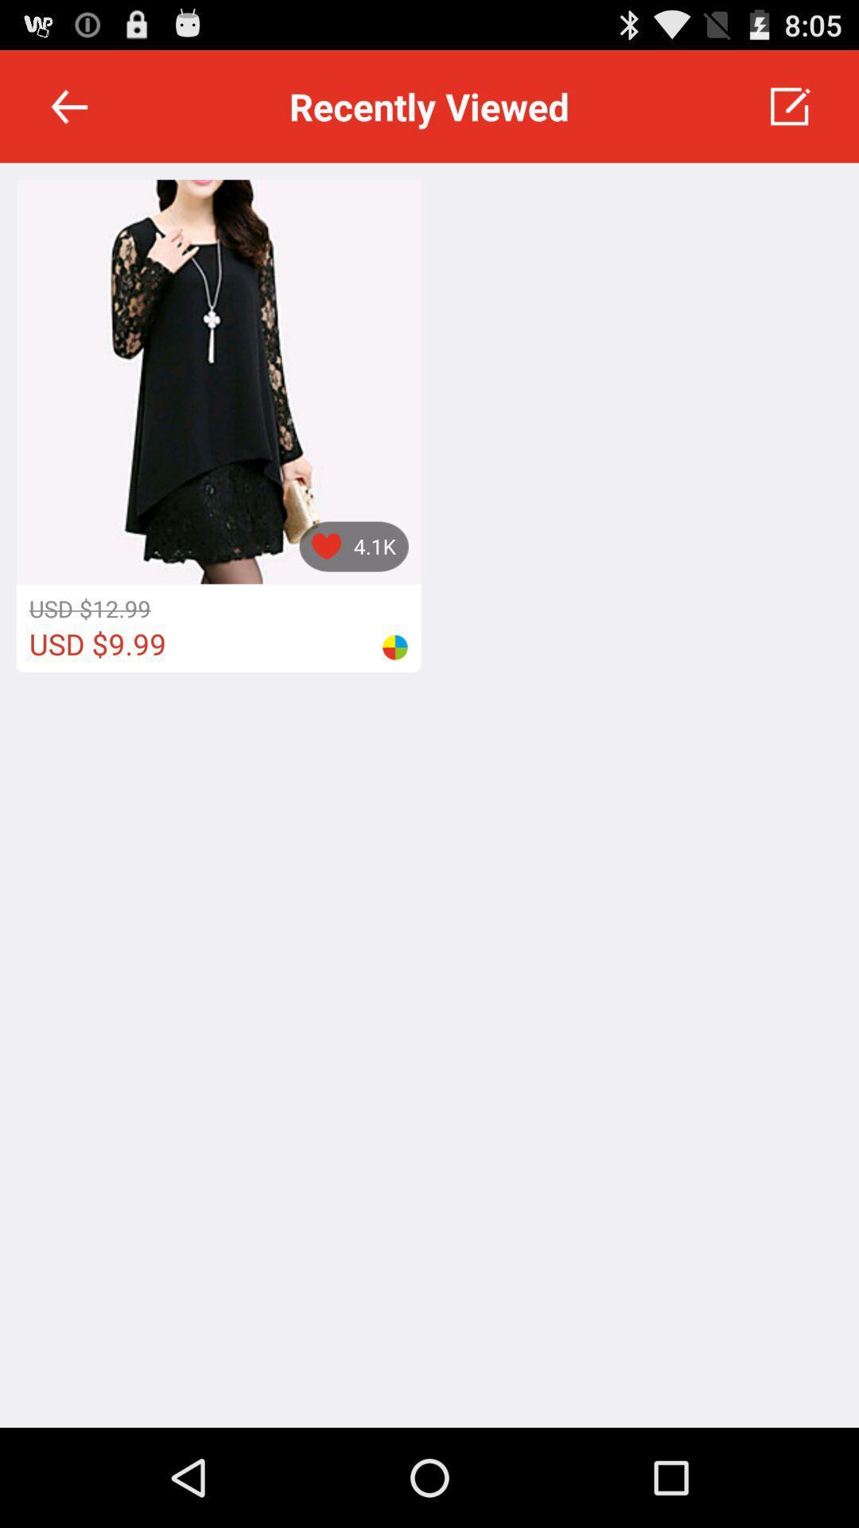 This screenshot has width=859, height=1528. Describe the element at coordinates (68, 105) in the screenshot. I see `item next to the recently viewed item` at that location.